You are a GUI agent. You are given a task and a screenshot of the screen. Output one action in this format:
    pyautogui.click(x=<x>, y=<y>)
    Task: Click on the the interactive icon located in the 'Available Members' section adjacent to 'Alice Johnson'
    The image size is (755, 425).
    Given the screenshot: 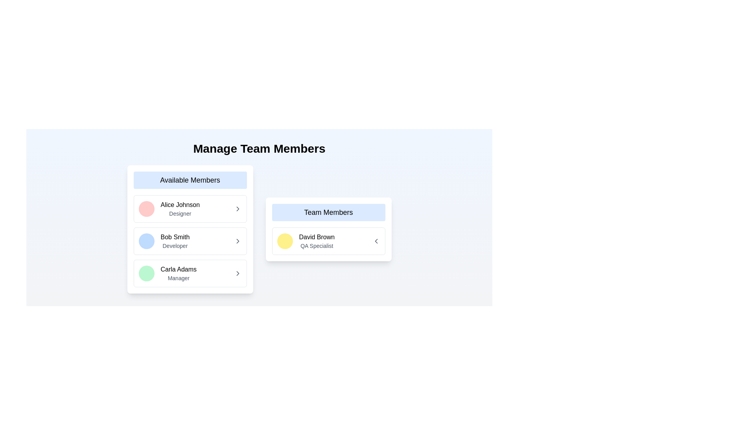 What is the action you would take?
    pyautogui.click(x=237, y=209)
    